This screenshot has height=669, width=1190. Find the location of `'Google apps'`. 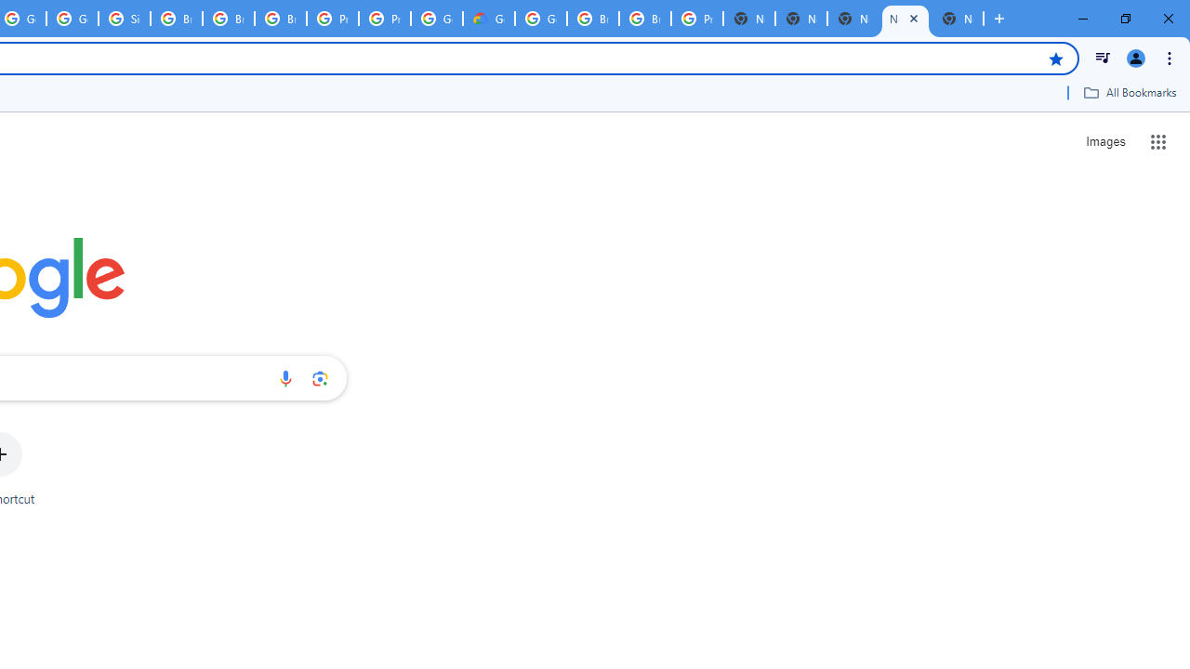

'Google apps' is located at coordinates (1157, 141).